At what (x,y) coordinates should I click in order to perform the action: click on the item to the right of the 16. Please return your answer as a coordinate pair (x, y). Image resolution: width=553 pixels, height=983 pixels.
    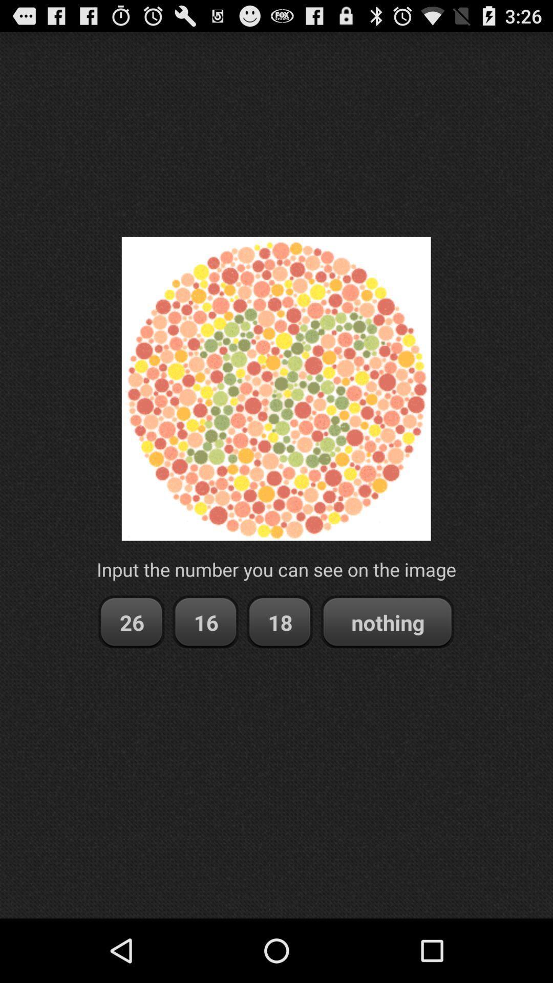
    Looking at the image, I should click on (280, 622).